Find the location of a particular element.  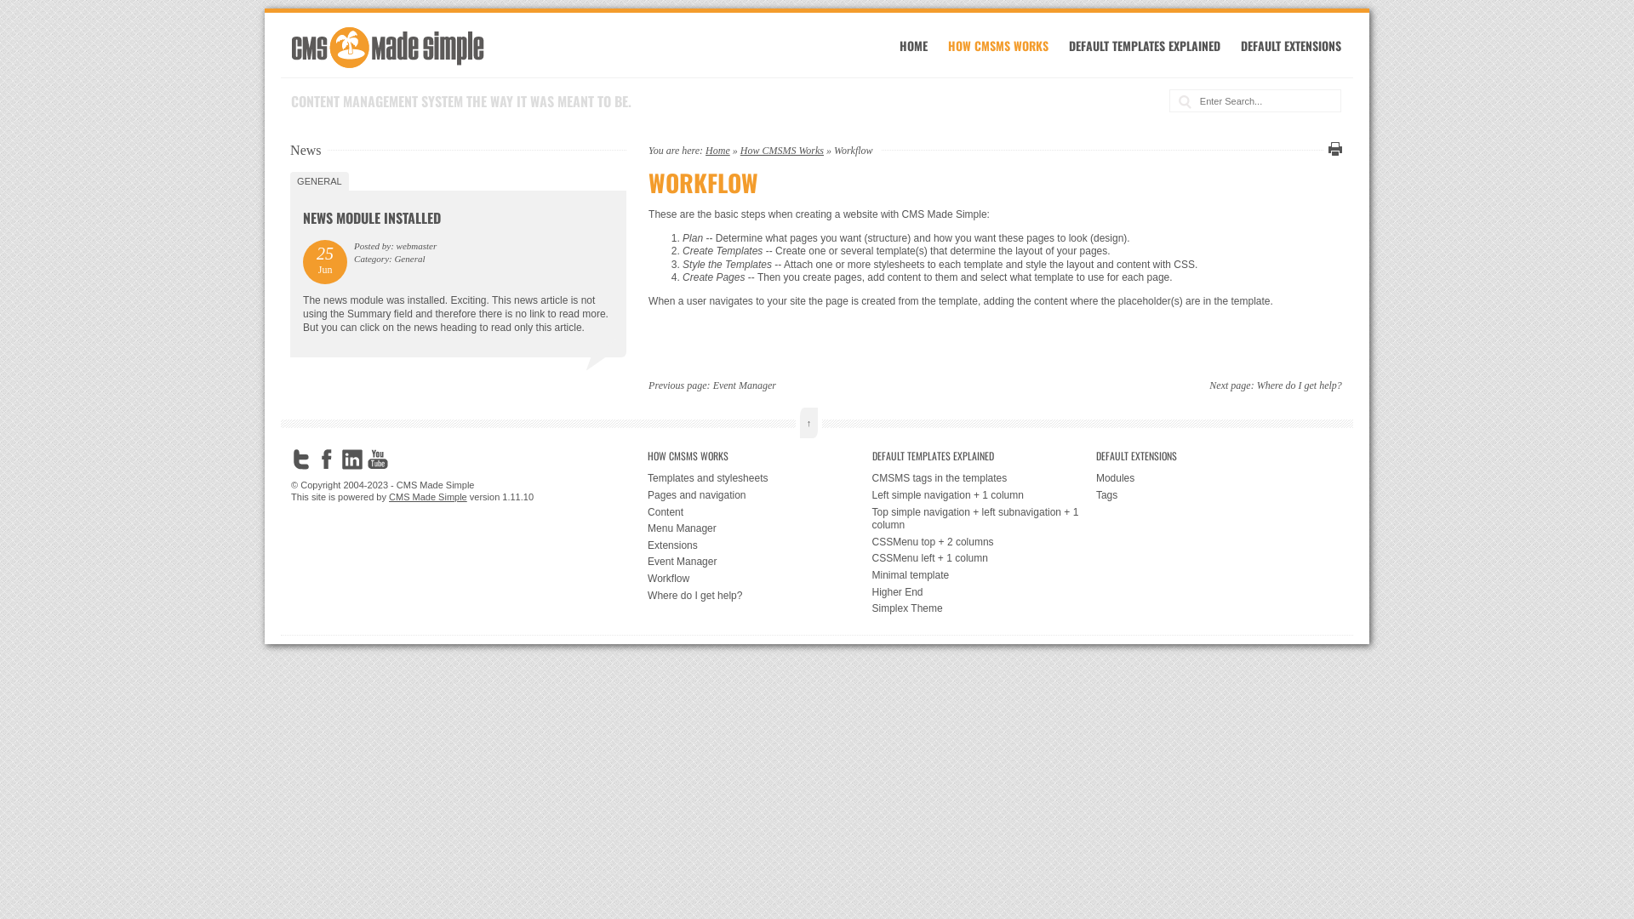

'Event Manager' is located at coordinates (713, 385).